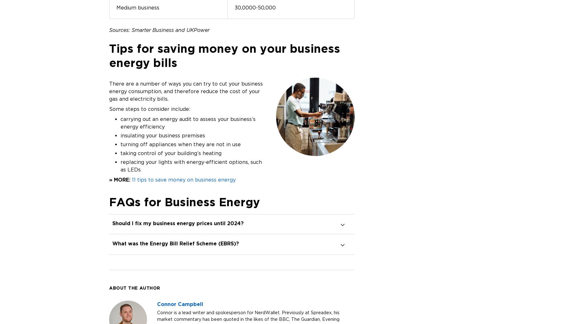 This screenshot has height=324, width=561. What do you see at coordinates (109, 91) in the screenshot?
I see `'There are a number of ways you can try to cut your business energy consumption, and therefore reduce the cost of your gas and electricity bills.'` at bounding box center [109, 91].